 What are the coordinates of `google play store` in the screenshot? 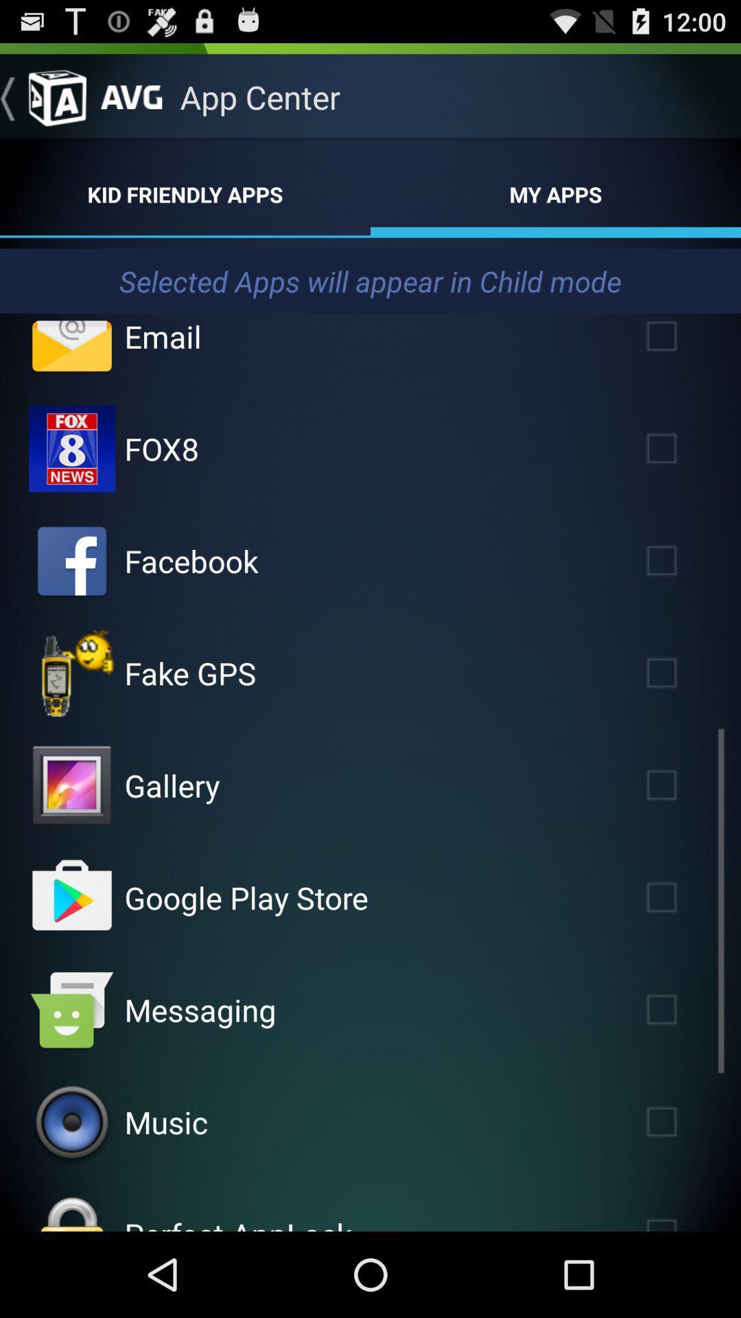 It's located at (681, 897).